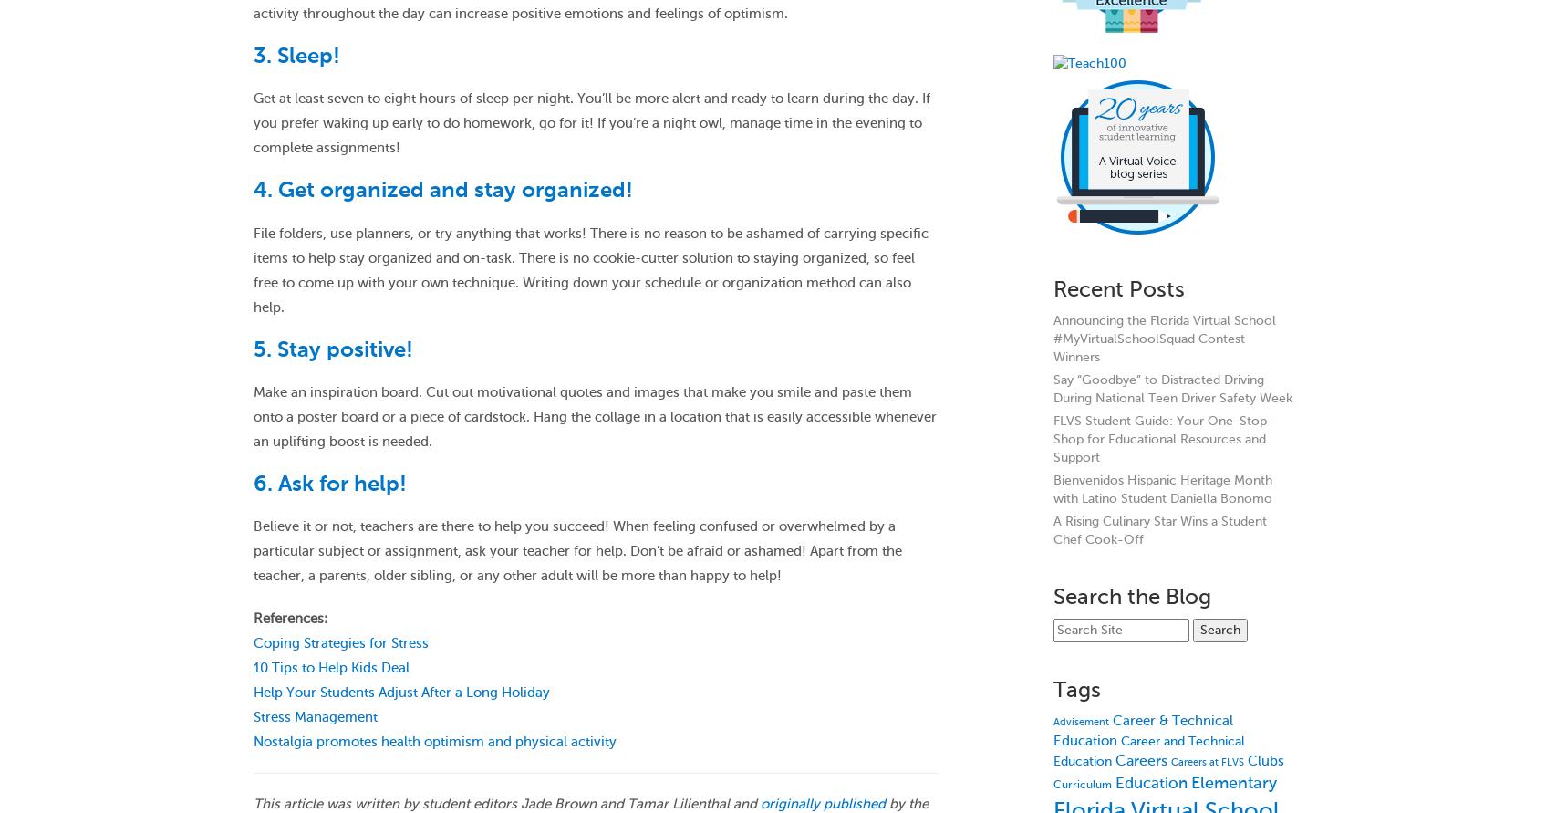 This screenshot has width=1546, height=813. What do you see at coordinates (1158, 530) in the screenshot?
I see `'A Rising Culinary Star Wins a Student Chef Cook-Off'` at bounding box center [1158, 530].